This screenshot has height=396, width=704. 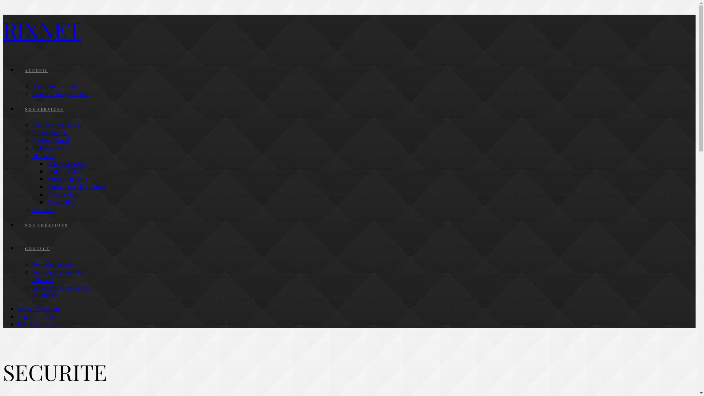 I want to click on 'Audio / video', so click(x=47, y=171).